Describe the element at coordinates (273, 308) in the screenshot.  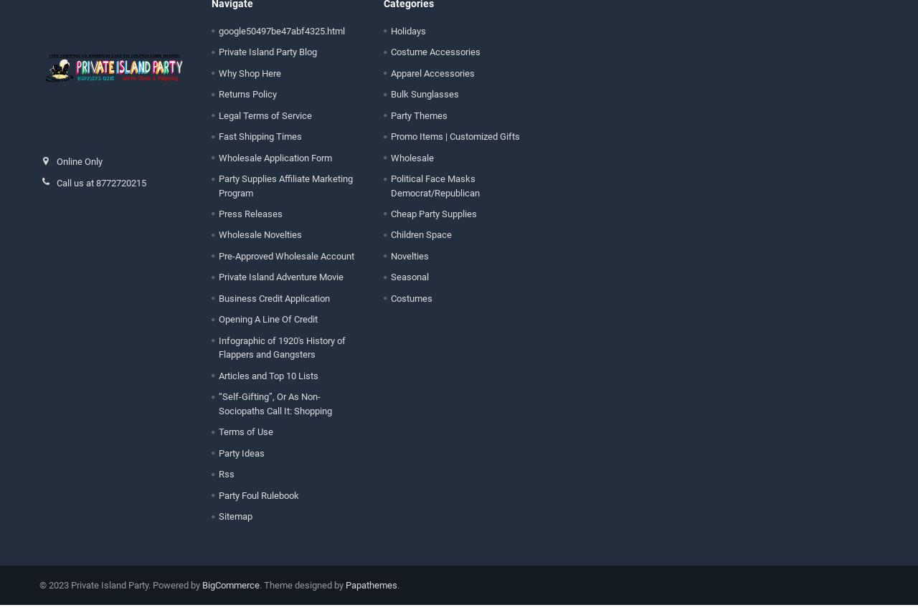
I see `'Business Credit Application'` at that location.